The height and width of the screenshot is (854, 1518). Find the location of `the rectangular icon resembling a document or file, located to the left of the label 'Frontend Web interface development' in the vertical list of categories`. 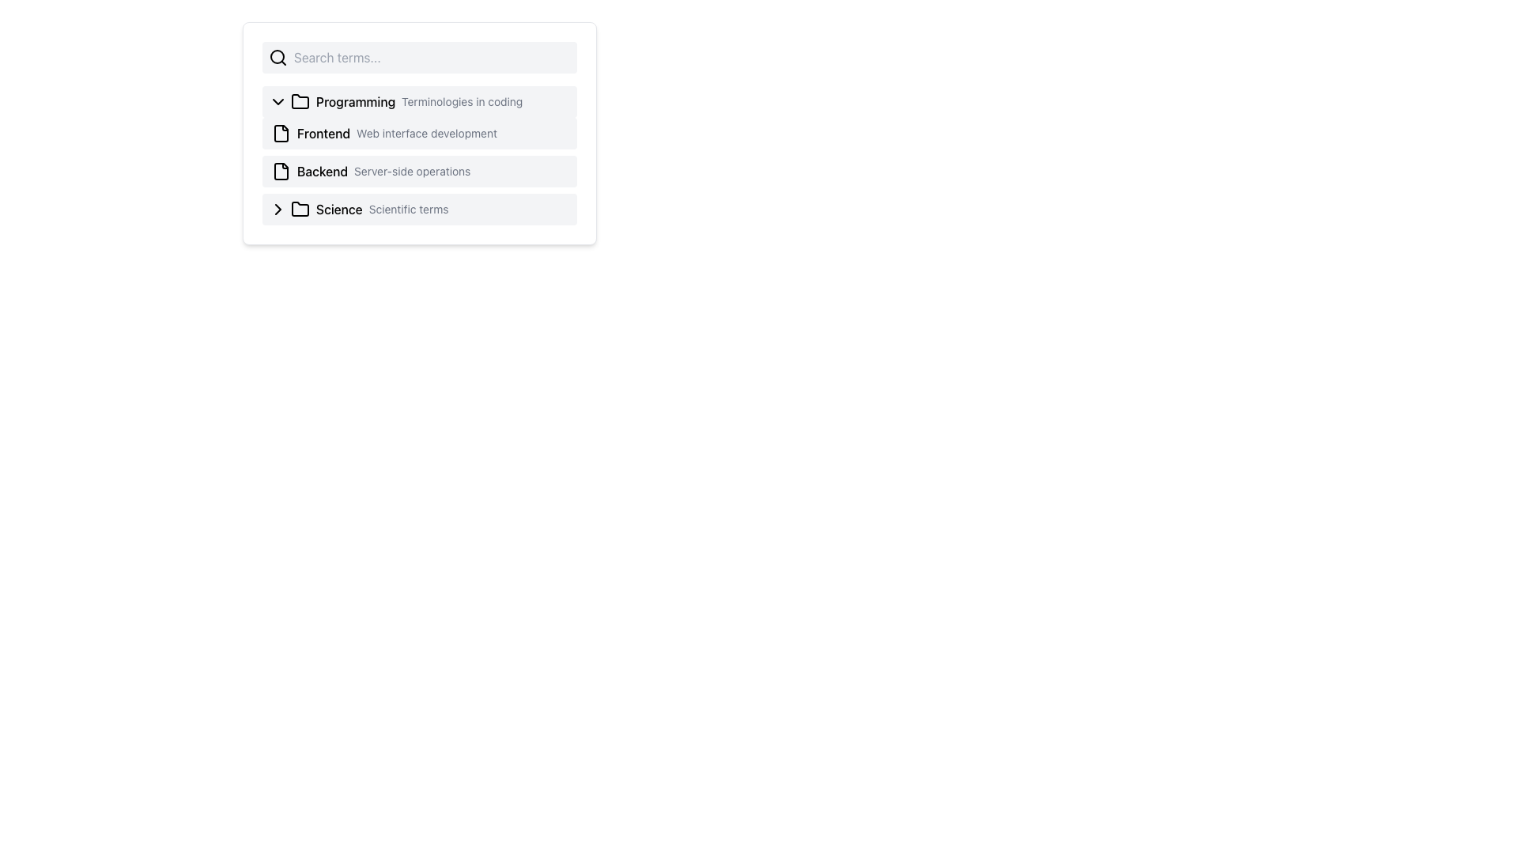

the rectangular icon resembling a document or file, located to the left of the label 'Frontend Web interface development' in the vertical list of categories is located at coordinates (281, 133).